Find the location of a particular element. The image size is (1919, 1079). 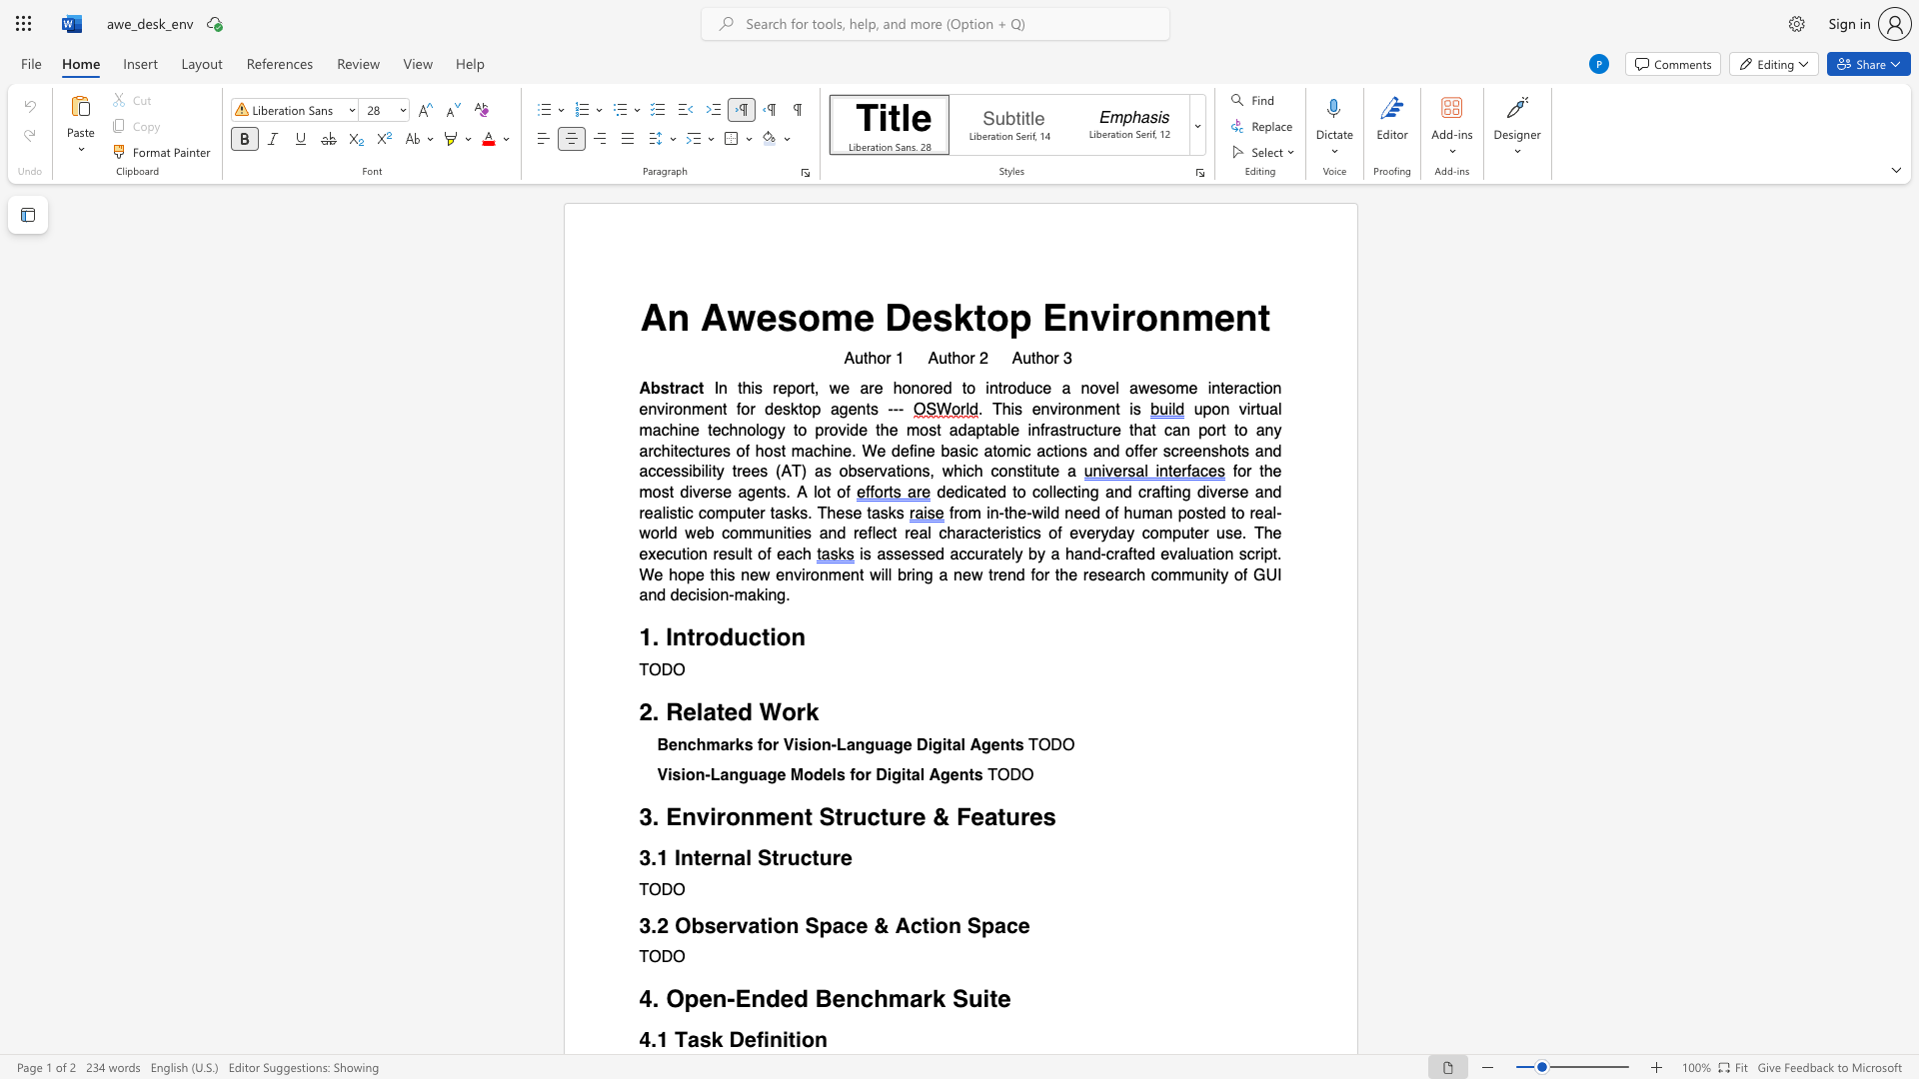

the subset text "nition" within the text "4.1 Task Definition" is located at coordinates (768, 1038).